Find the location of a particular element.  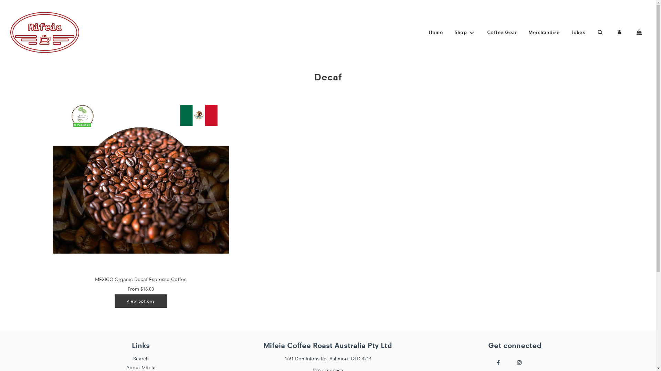

'Shop' is located at coordinates (465, 32).